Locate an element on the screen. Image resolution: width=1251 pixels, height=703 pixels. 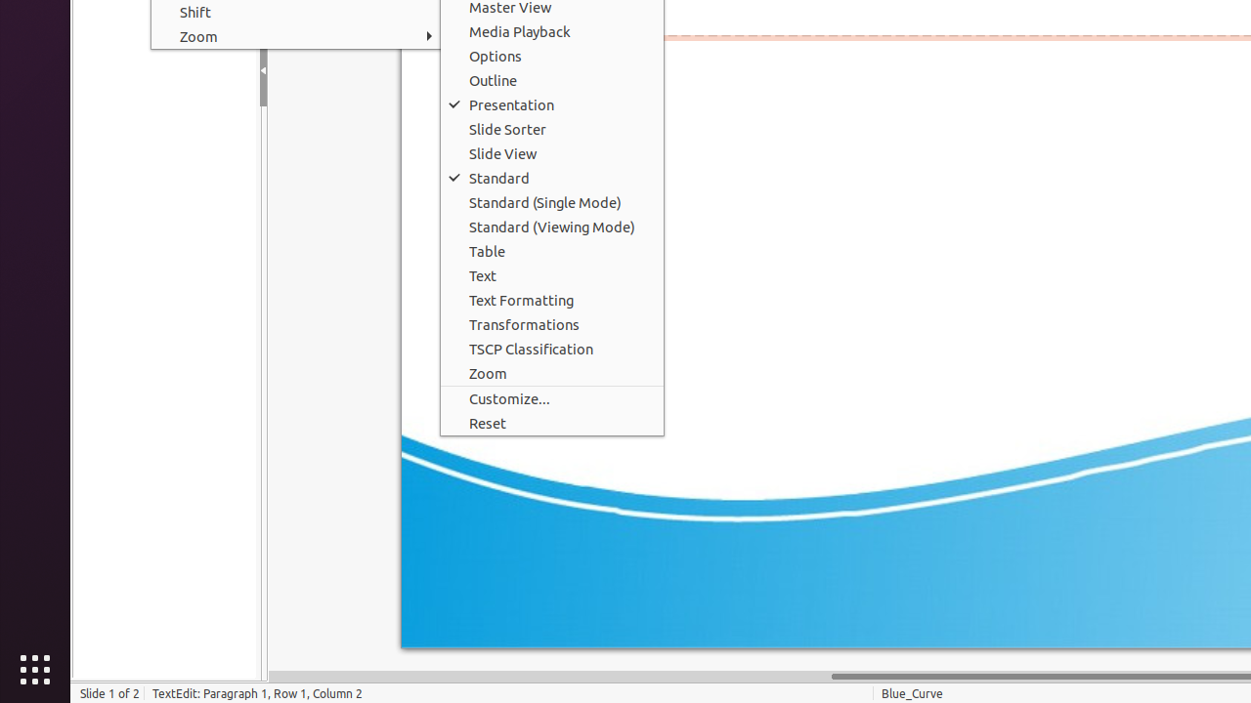
'Outline' is located at coordinates (550, 79).